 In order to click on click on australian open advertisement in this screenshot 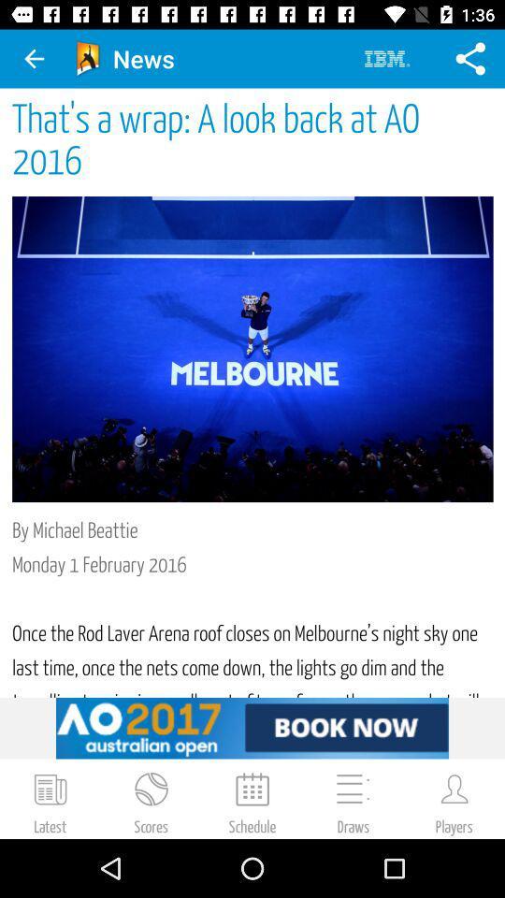, I will do `click(252, 727)`.